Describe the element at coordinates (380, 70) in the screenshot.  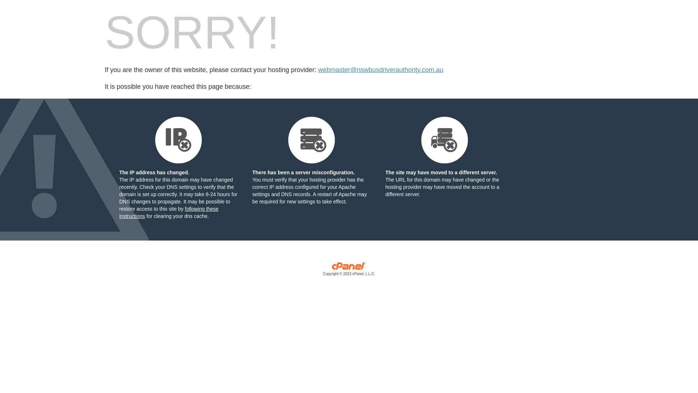
I see `'webmaster@nswbusdriverauthority.com.au'` at that location.